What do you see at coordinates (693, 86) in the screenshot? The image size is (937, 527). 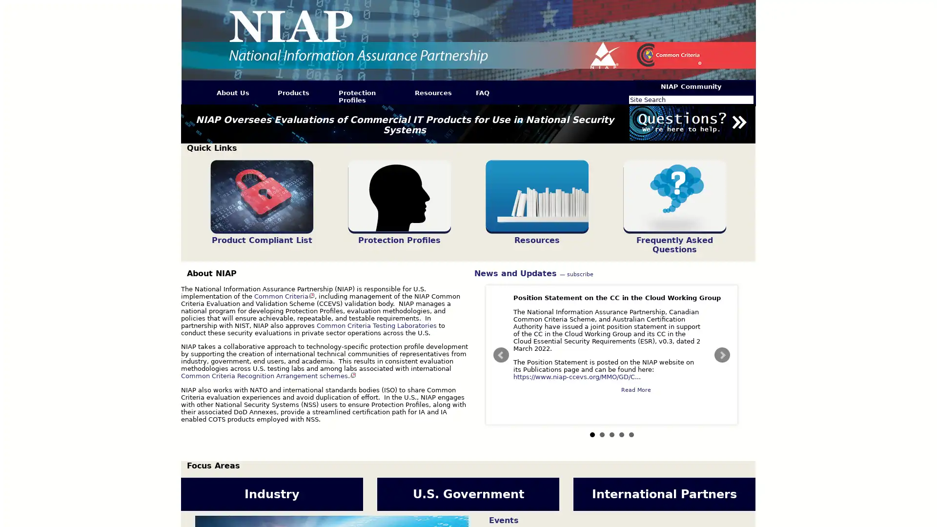 I see `NIAP Community` at bounding box center [693, 86].